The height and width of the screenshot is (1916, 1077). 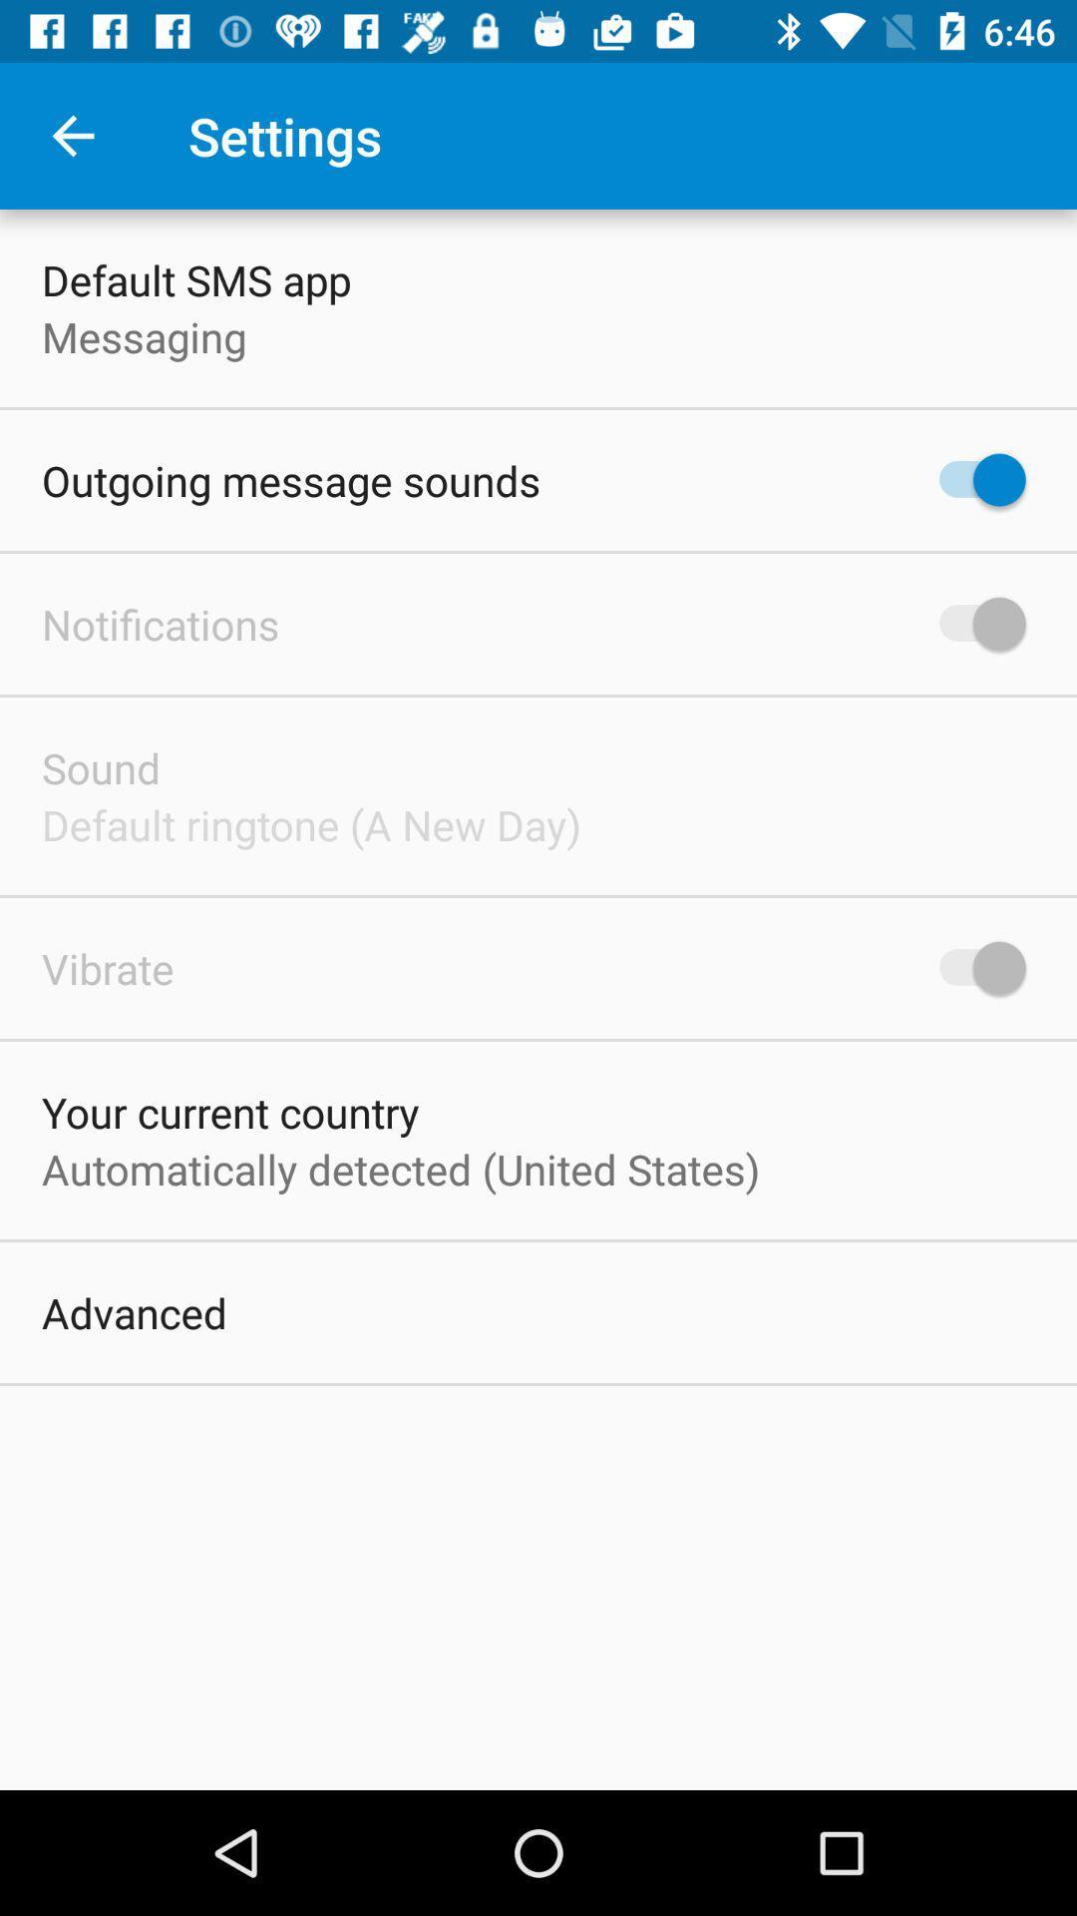 What do you see at coordinates (311, 824) in the screenshot?
I see `the default ringtone a icon` at bounding box center [311, 824].